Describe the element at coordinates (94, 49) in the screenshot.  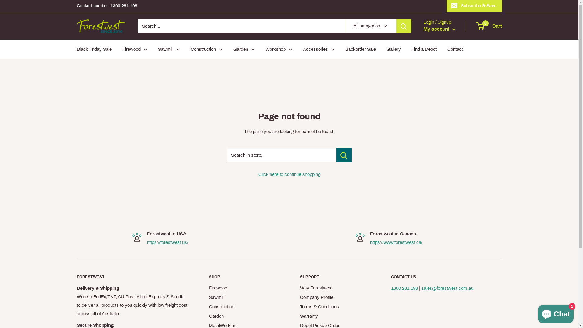
I see `'Black Friday Sale'` at that location.